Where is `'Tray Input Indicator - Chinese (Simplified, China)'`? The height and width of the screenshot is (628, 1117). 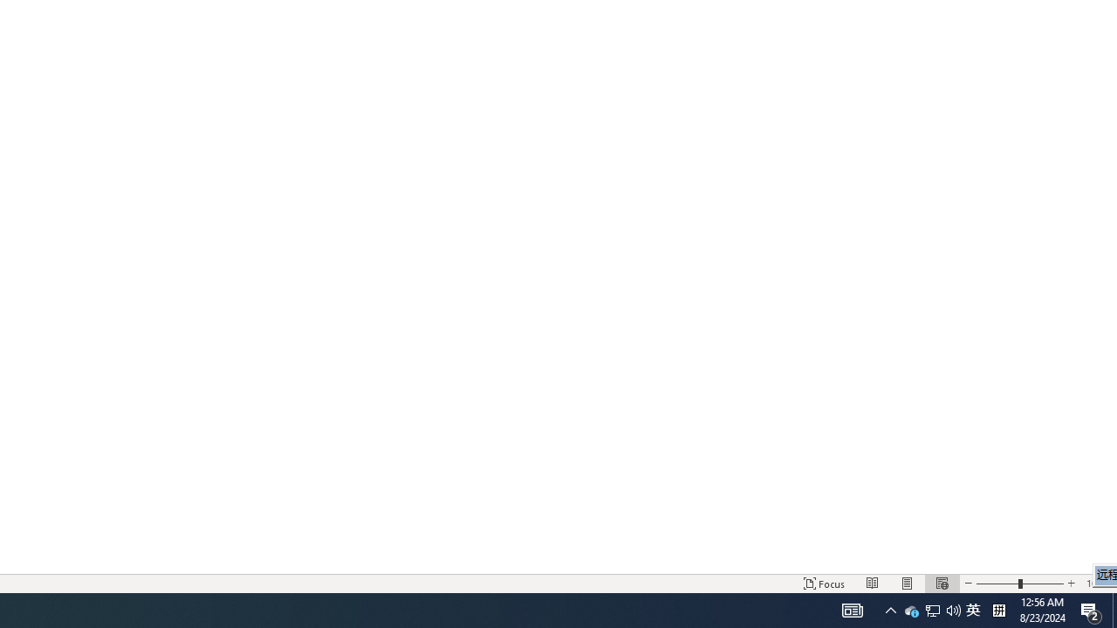 'Tray Input Indicator - Chinese (Simplified, China)' is located at coordinates (998, 609).